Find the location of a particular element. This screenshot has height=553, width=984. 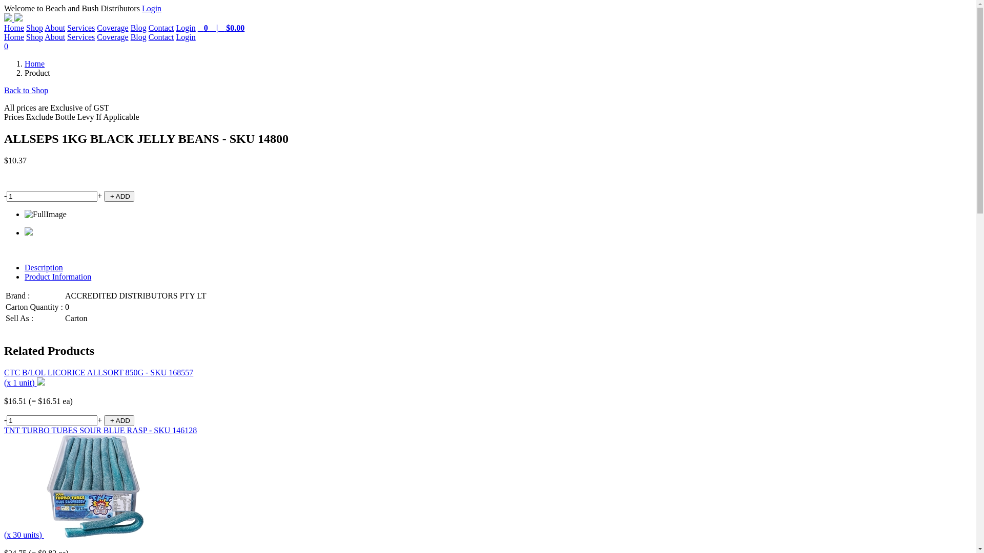

'Product Information' is located at coordinates (57, 276).